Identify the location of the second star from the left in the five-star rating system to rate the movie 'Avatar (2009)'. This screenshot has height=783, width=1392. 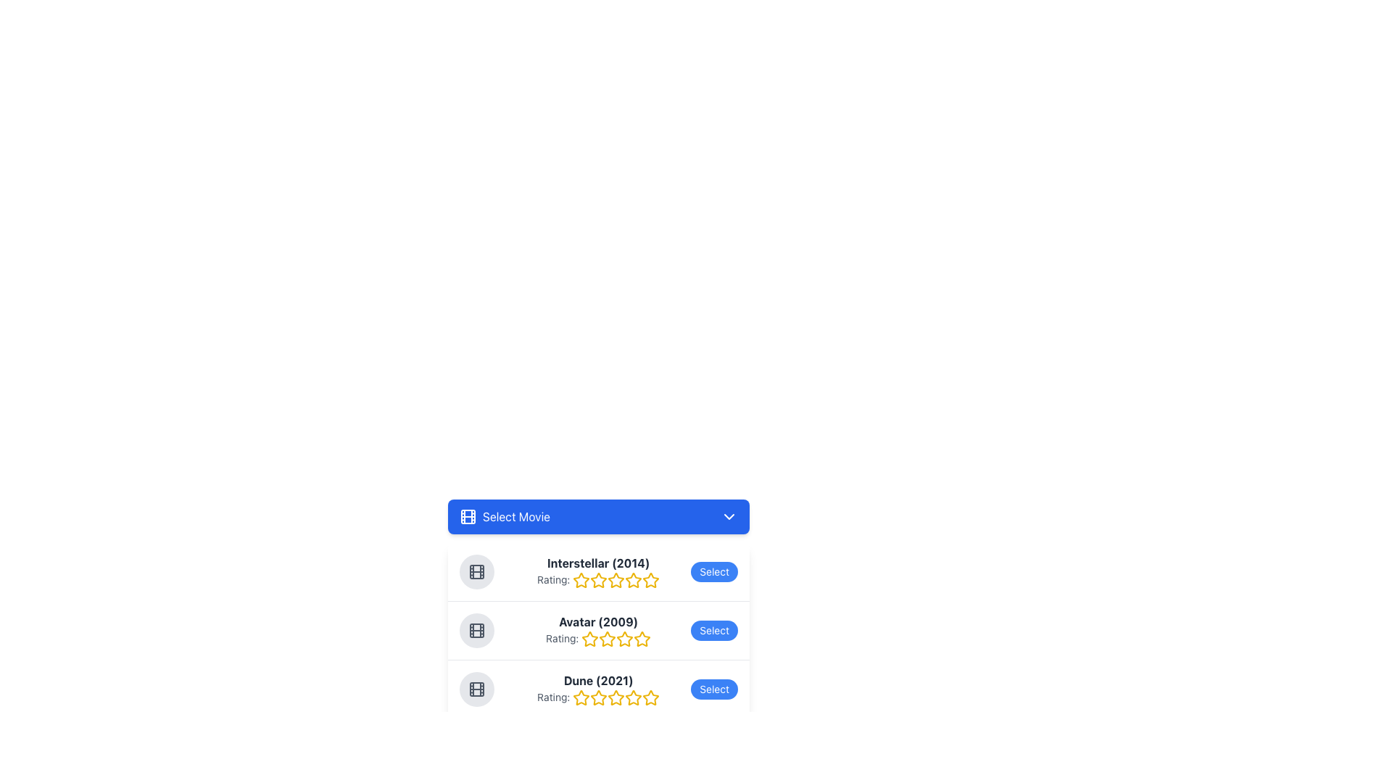
(608, 638).